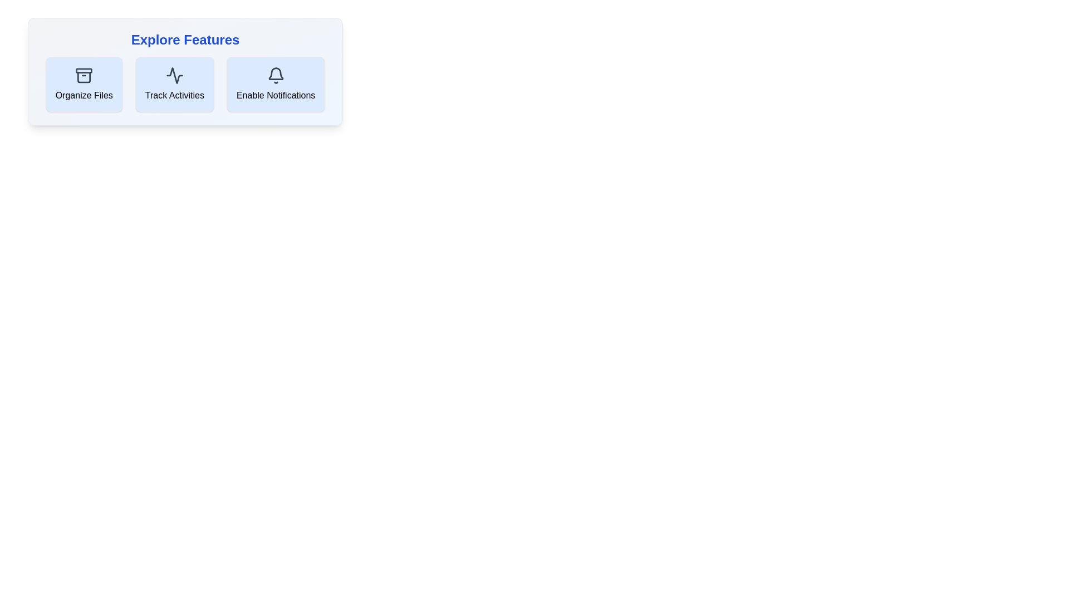 Image resolution: width=1069 pixels, height=601 pixels. Describe the element at coordinates (185, 83) in the screenshot. I see `the middle button below the 'Explore Features' title` at that location.